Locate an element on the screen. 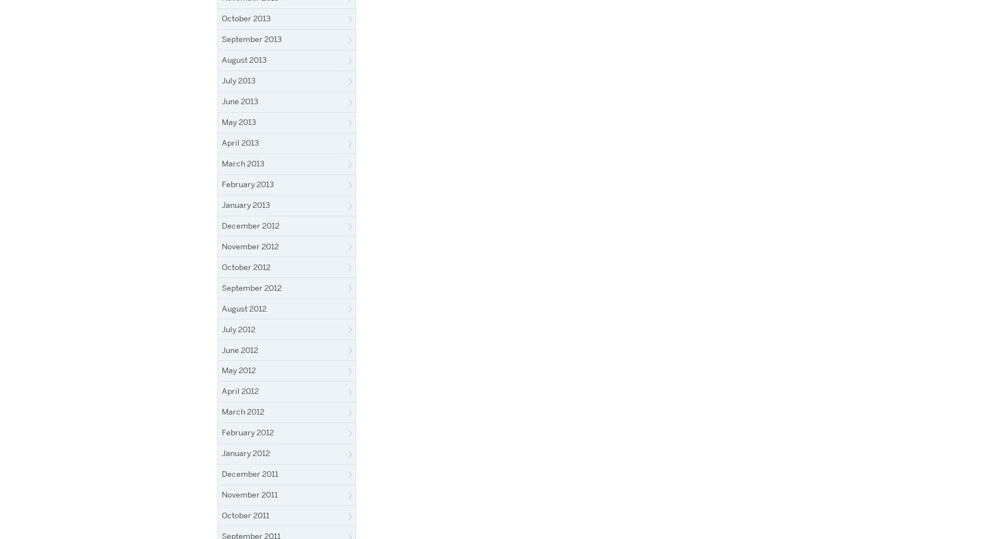 Image resolution: width=1008 pixels, height=539 pixels. 'April 2012' is located at coordinates (240, 391).